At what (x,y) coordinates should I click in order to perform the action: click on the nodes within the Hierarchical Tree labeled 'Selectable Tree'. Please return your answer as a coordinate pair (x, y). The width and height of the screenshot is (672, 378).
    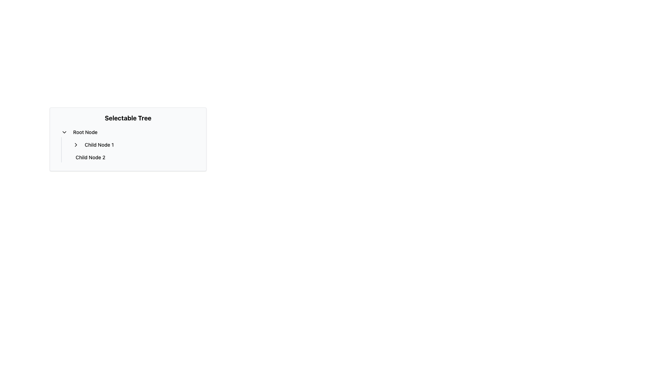
    Looking at the image, I should click on (128, 144).